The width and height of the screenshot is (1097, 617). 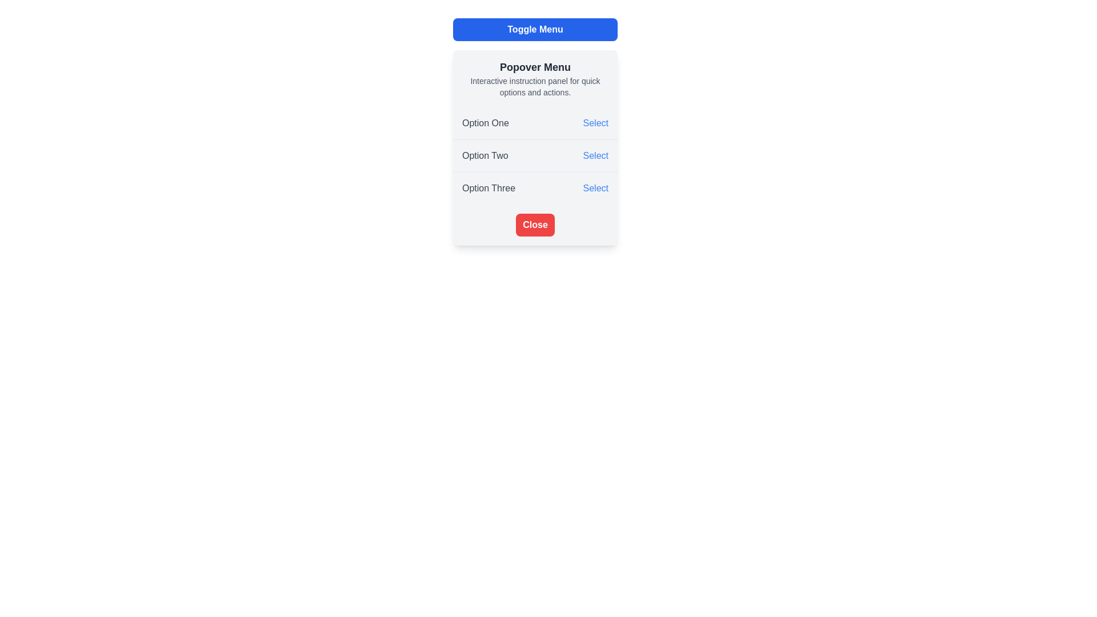 I want to click on the text display element that provides instructions about the options in the popover menu, located below the 'Popover Menu' header, so click(x=534, y=86).